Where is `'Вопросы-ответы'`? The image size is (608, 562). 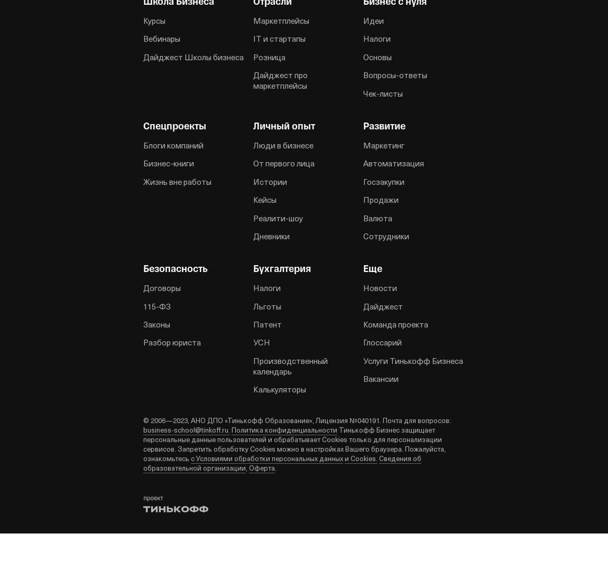
'Вопросы-ответы' is located at coordinates (394, 75).